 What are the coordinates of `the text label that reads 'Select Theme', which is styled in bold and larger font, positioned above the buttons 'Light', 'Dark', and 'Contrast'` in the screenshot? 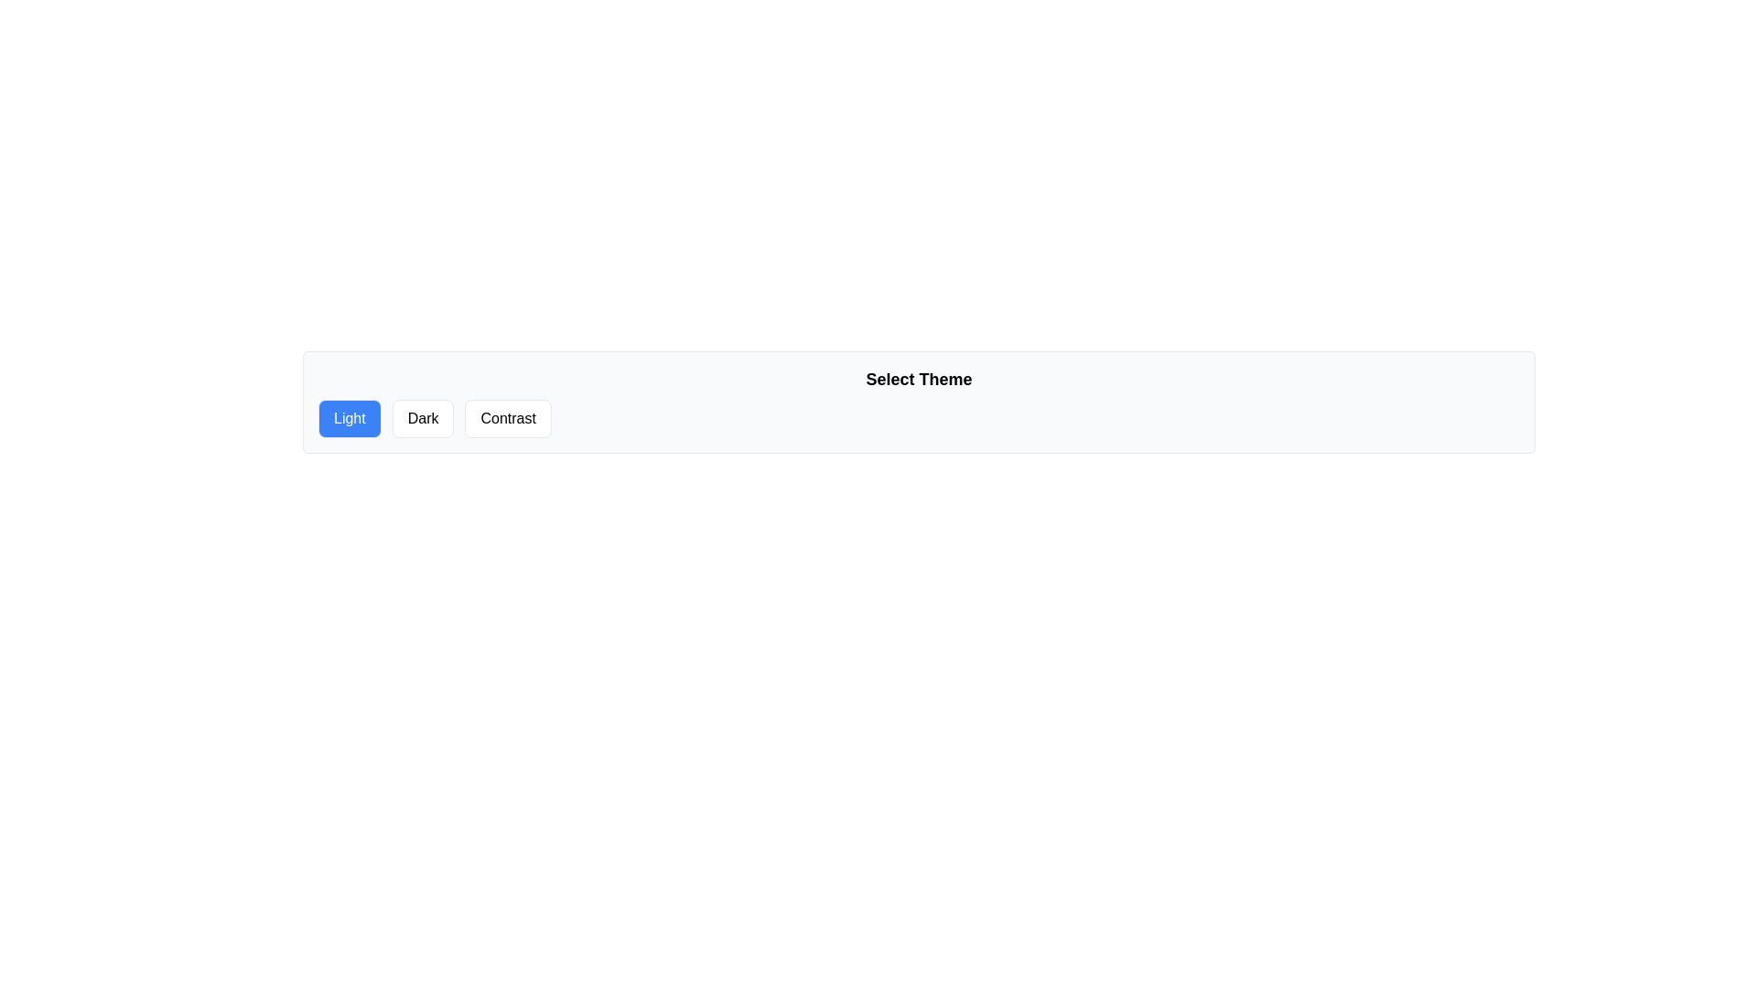 It's located at (919, 379).